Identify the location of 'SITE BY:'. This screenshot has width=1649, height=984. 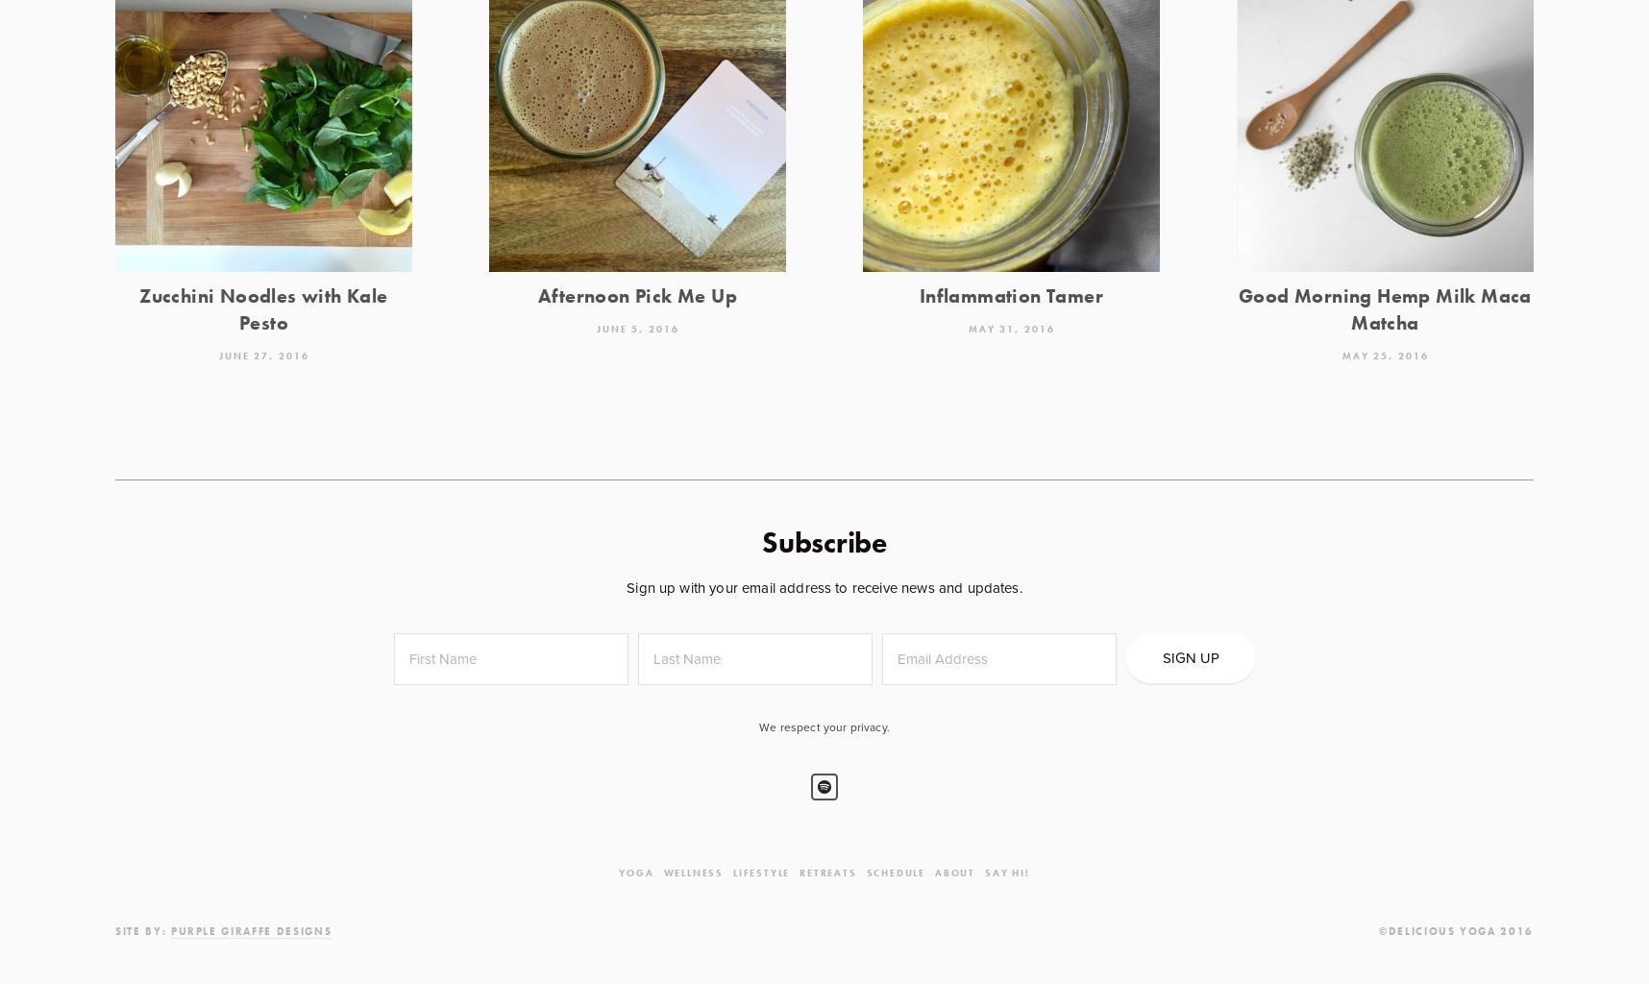
(142, 929).